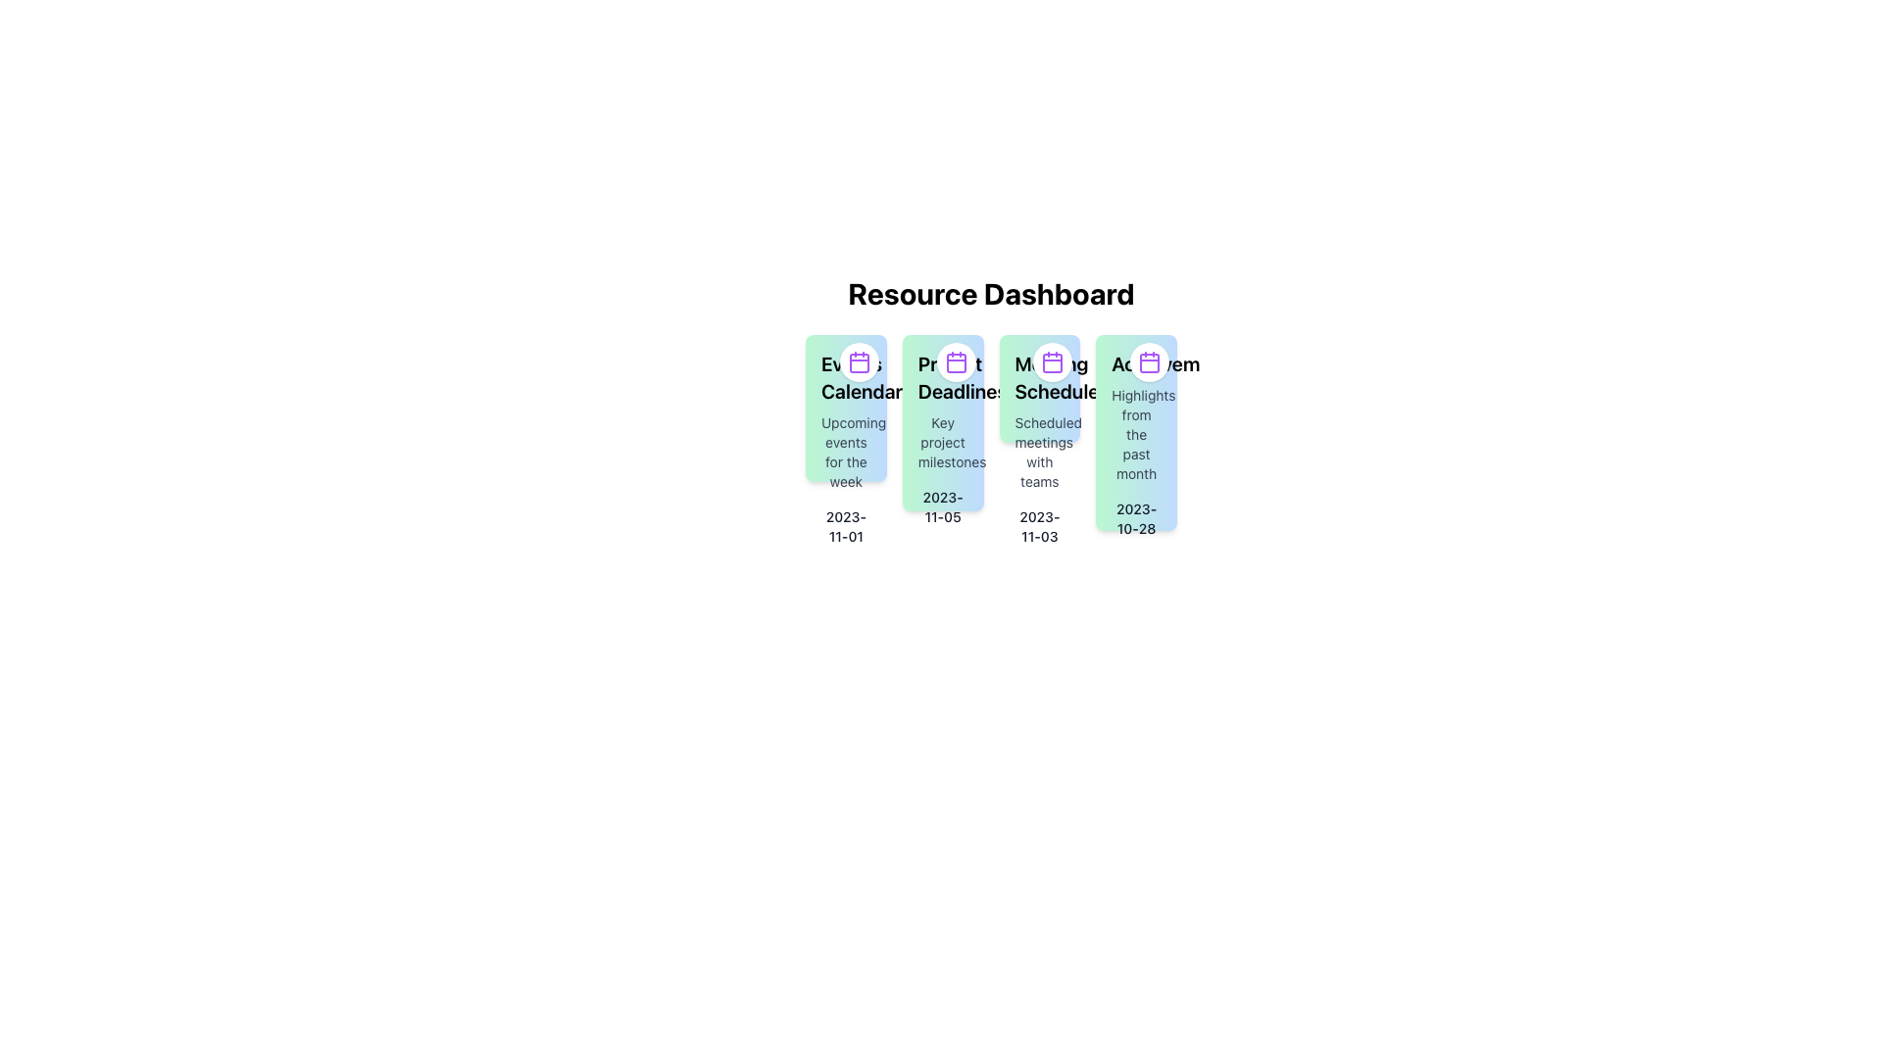  Describe the element at coordinates (1038, 525) in the screenshot. I see `the text label displaying '2023-11-03'` at that location.